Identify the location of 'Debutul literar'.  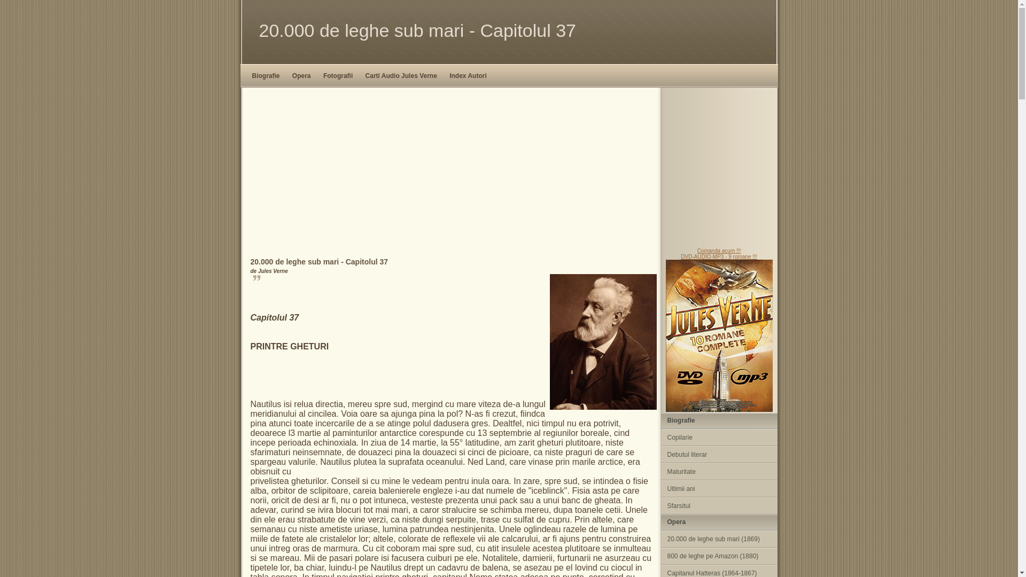
(660, 455).